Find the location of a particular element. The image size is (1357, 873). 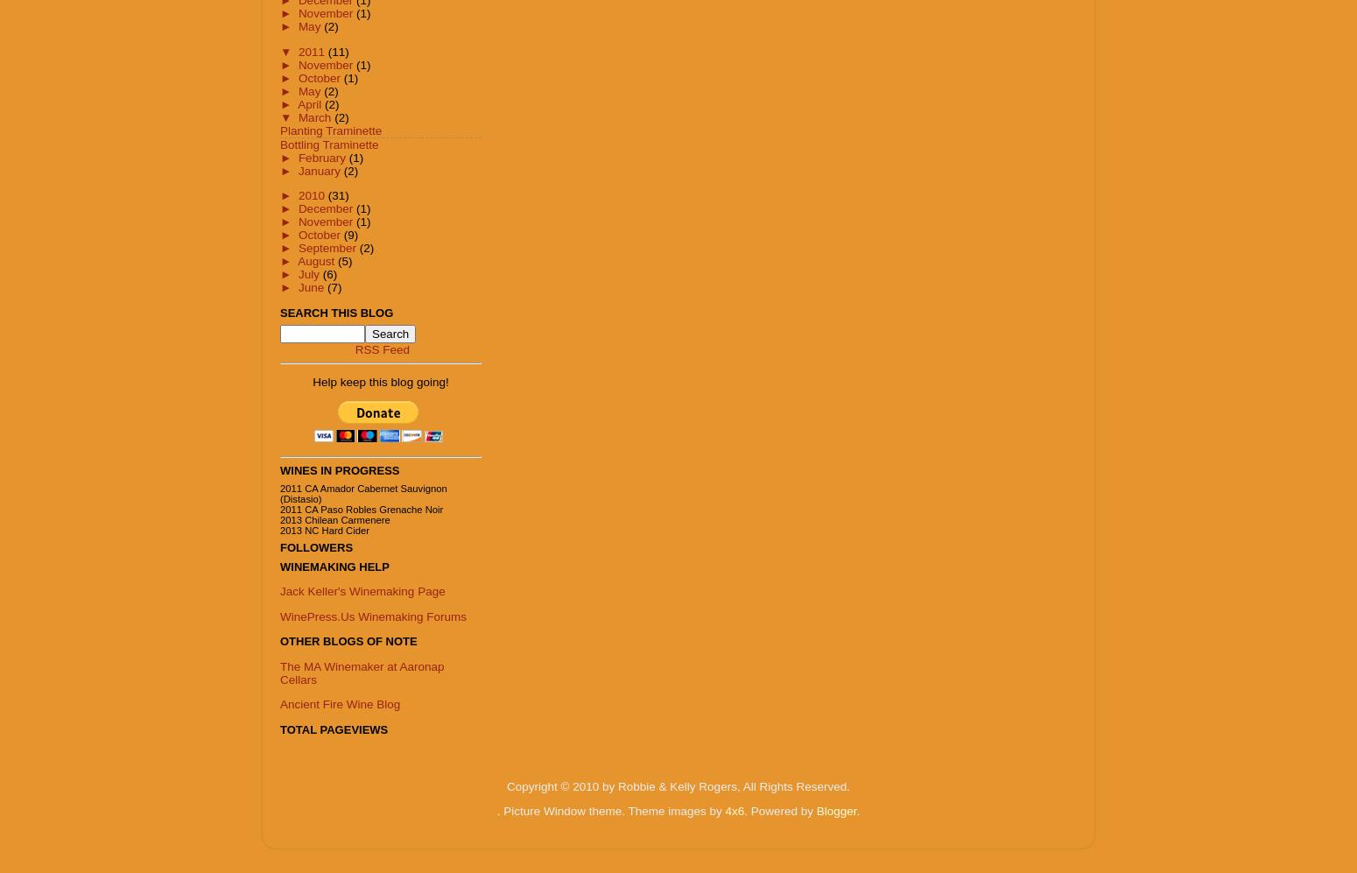

'Search This Blog' is located at coordinates (335, 311).